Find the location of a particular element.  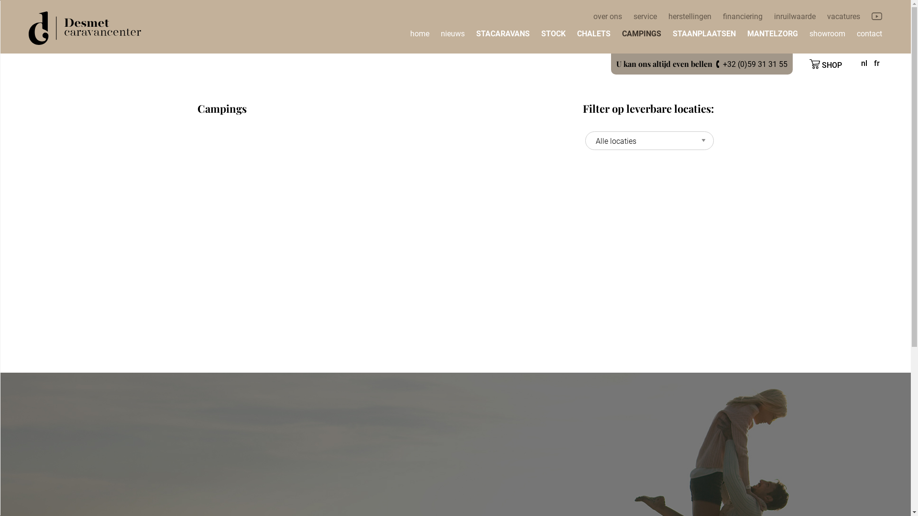

'STOCK' is located at coordinates (536, 33).